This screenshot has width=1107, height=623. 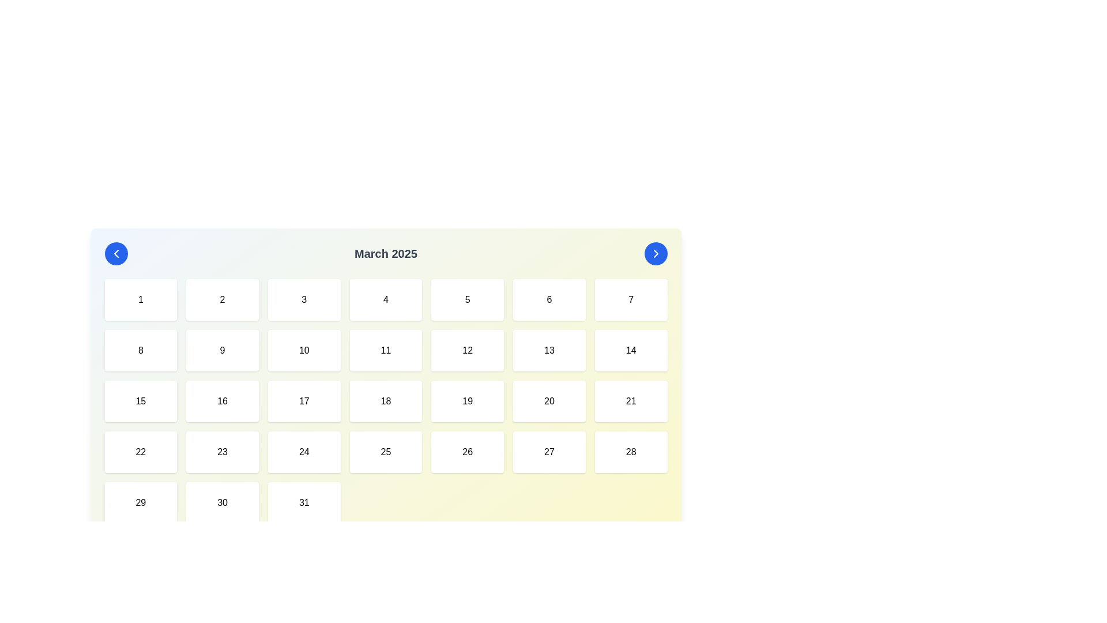 I want to click on the interactive calendar date element representing the 29th day of the month located, so click(x=140, y=502).